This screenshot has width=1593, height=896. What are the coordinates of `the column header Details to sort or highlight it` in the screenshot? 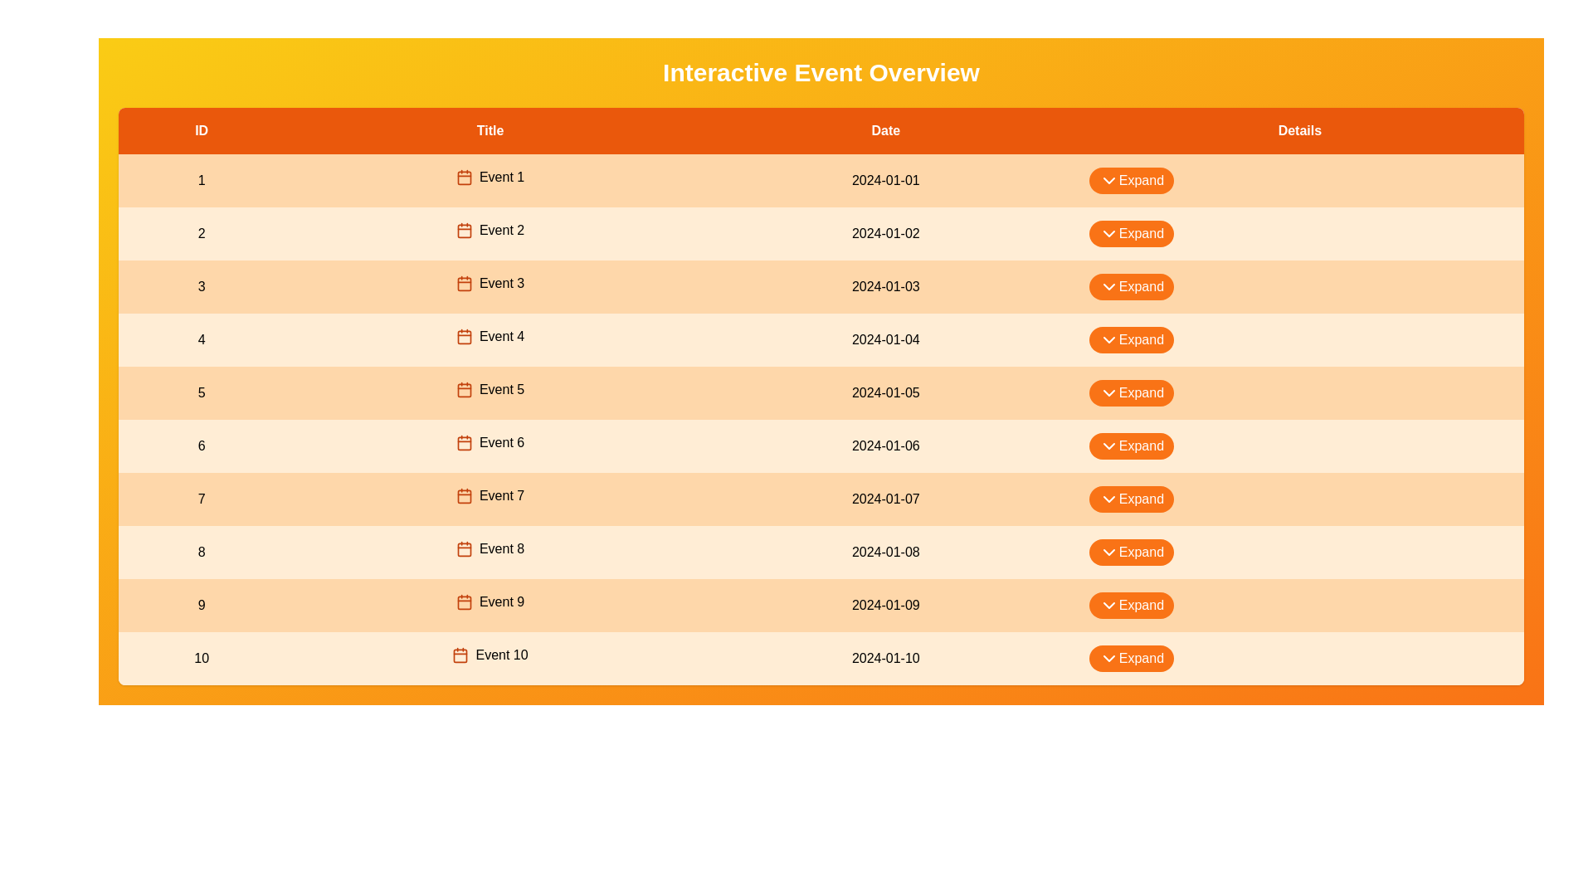 It's located at (1298, 130).